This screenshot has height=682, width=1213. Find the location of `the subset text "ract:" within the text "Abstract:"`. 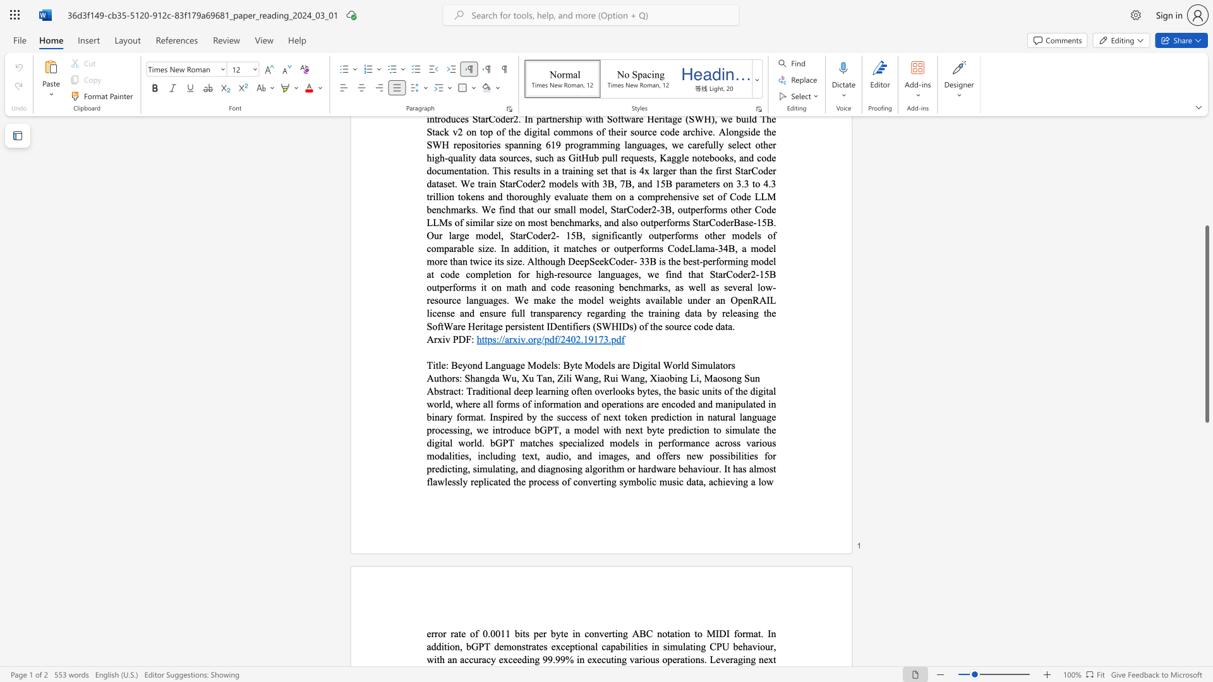

the subset text "ract:" within the text "Abstract:" is located at coordinates (445, 390).